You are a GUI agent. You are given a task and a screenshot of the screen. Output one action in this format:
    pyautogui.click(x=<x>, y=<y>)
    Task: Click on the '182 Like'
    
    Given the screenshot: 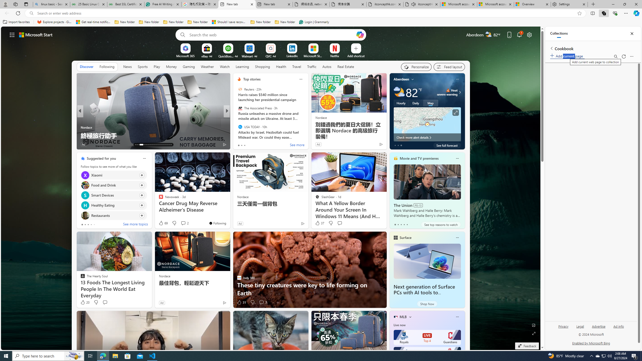 What is the action you would take?
    pyautogui.click(x=240, y=144)
    